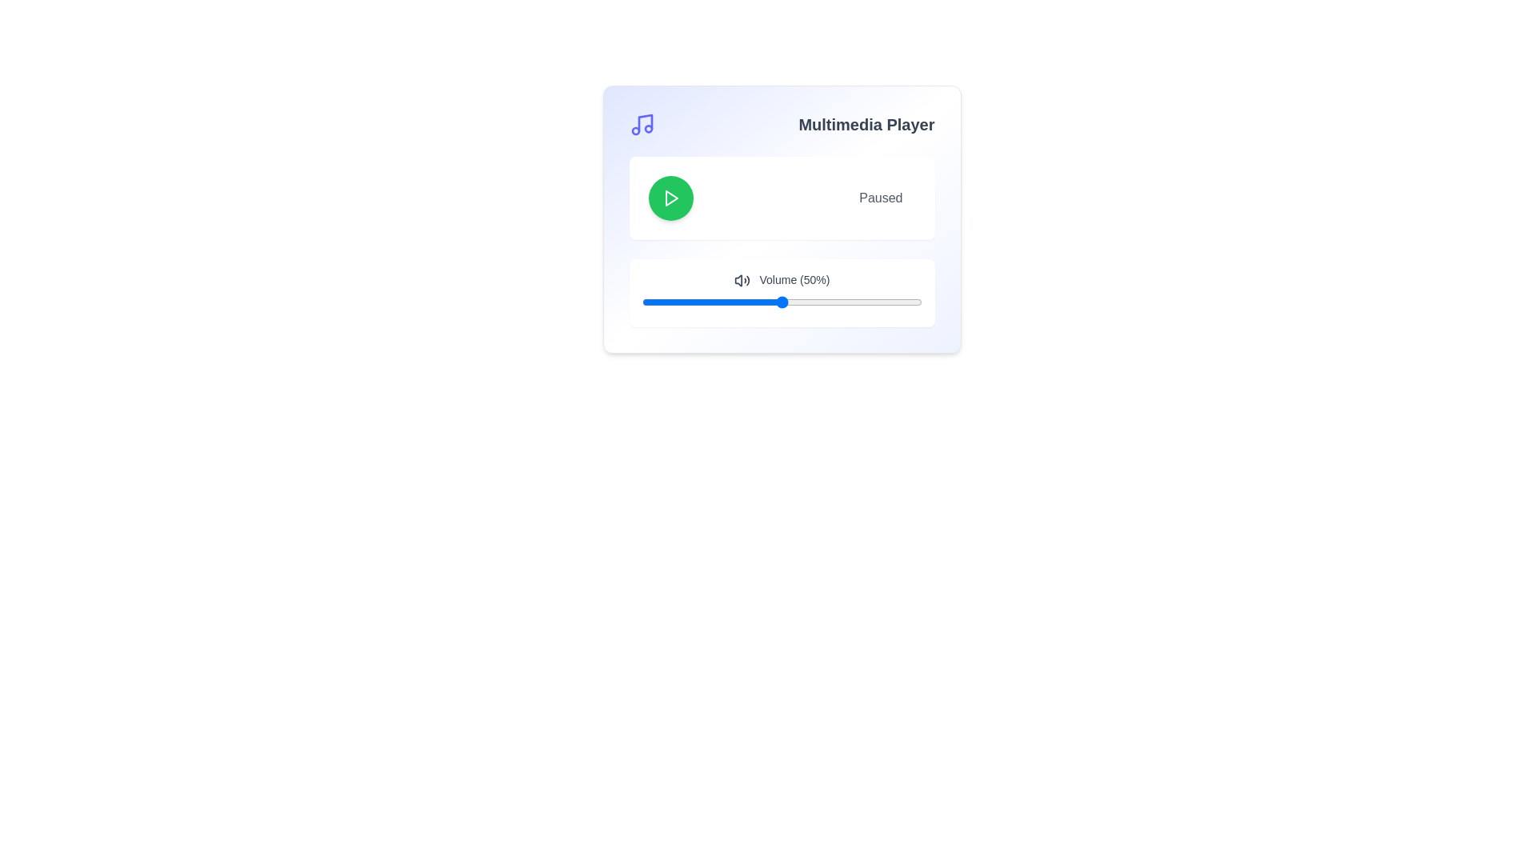  Describe the element at coordinates (671, 197) in the screenshot. I see `the play icon located centrally within the green circular button at the top-left of the multimedia player interface` at that location.